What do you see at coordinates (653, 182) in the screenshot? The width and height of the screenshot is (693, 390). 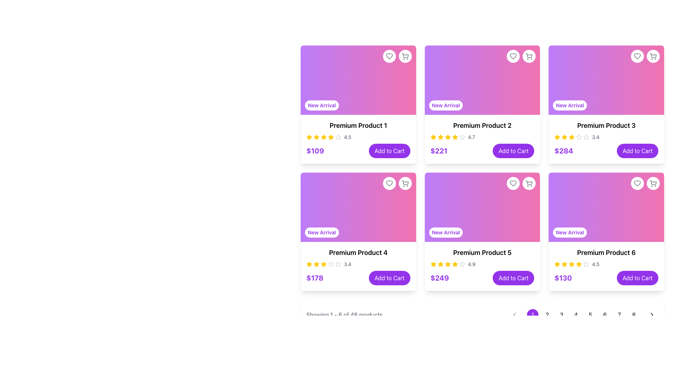 I see `the icon-based button located in the top-right corner of the 'Premium Product 6' card` at bounding box center [653, 182].